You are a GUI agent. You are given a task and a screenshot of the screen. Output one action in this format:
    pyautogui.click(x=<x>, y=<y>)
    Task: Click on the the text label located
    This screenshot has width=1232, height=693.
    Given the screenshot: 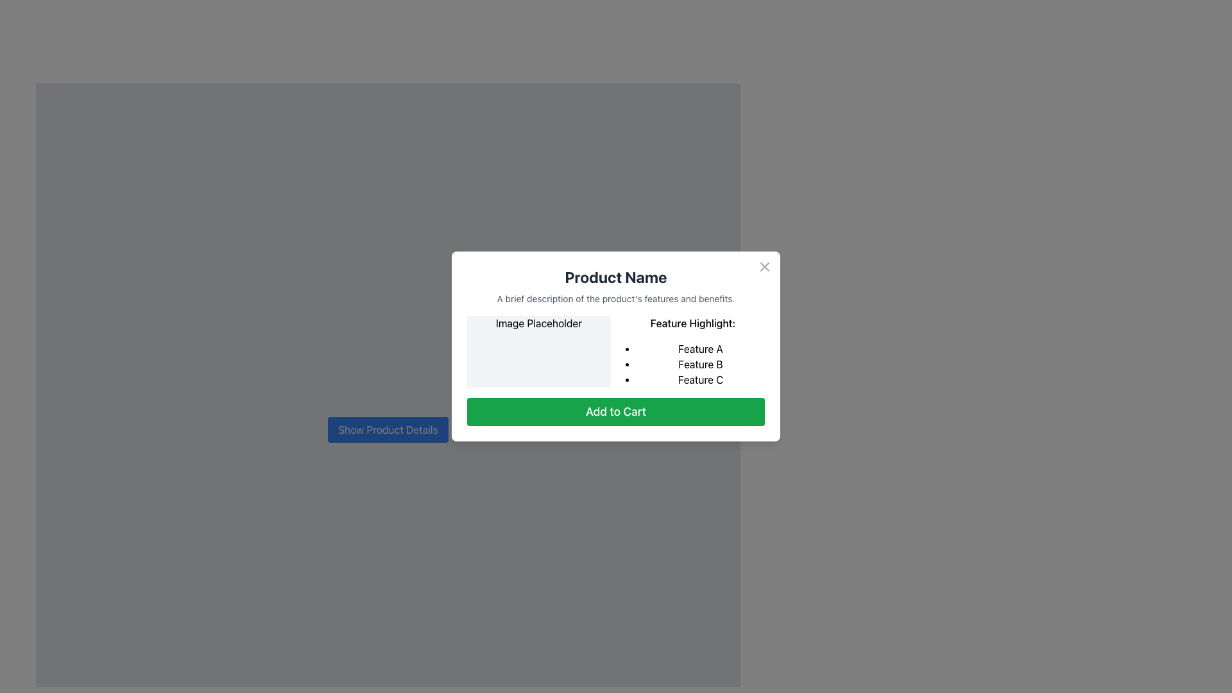 What is the action you would take?
    pyautogui.click(x=692, y=323)
    